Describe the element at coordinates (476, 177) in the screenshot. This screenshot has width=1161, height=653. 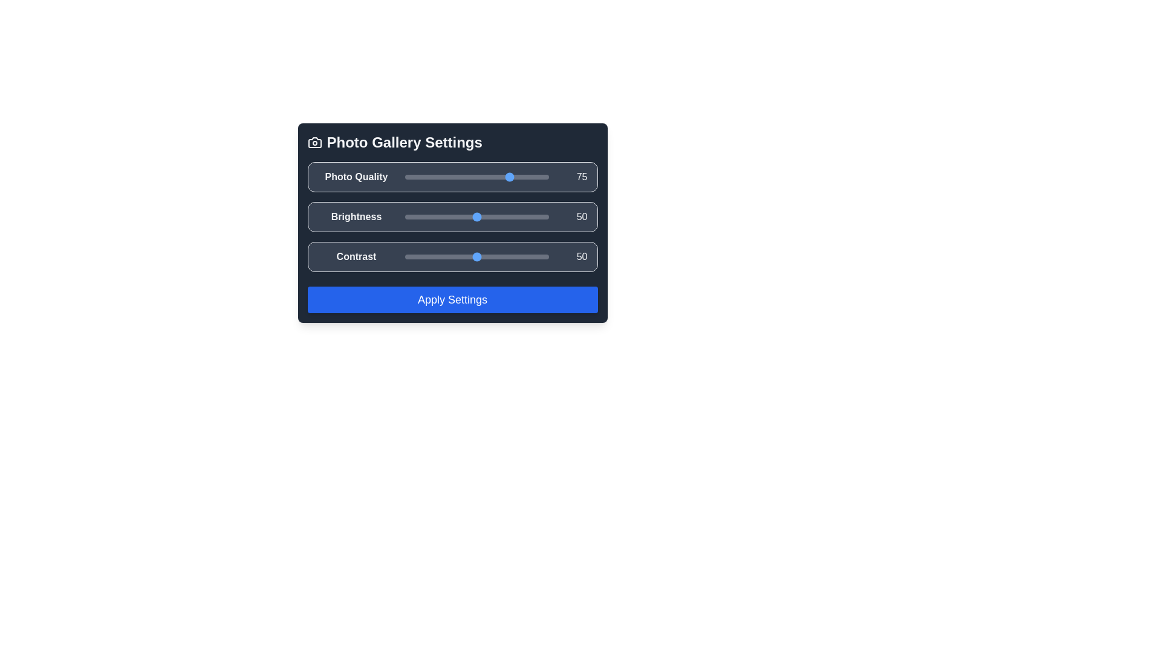
I see `the middle portion of the Range Slider to set a value, which is visually identified by its gray track and blue highlight, located between the 'Photo Quality' label and the value display of '75'` at that location.